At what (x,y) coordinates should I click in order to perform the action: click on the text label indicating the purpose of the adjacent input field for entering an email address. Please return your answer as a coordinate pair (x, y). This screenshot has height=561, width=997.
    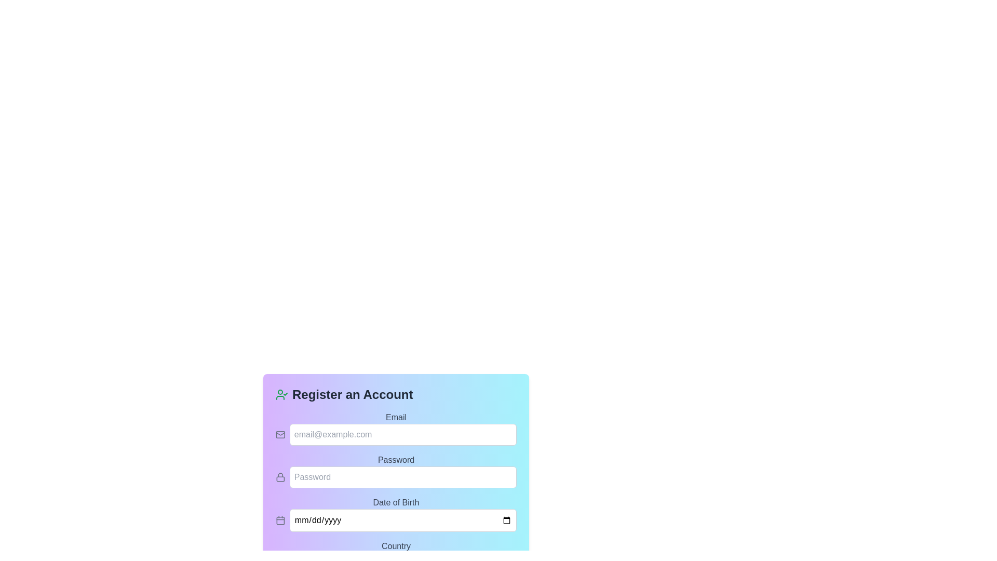
    Looking at the image, I should click on (396, 417).